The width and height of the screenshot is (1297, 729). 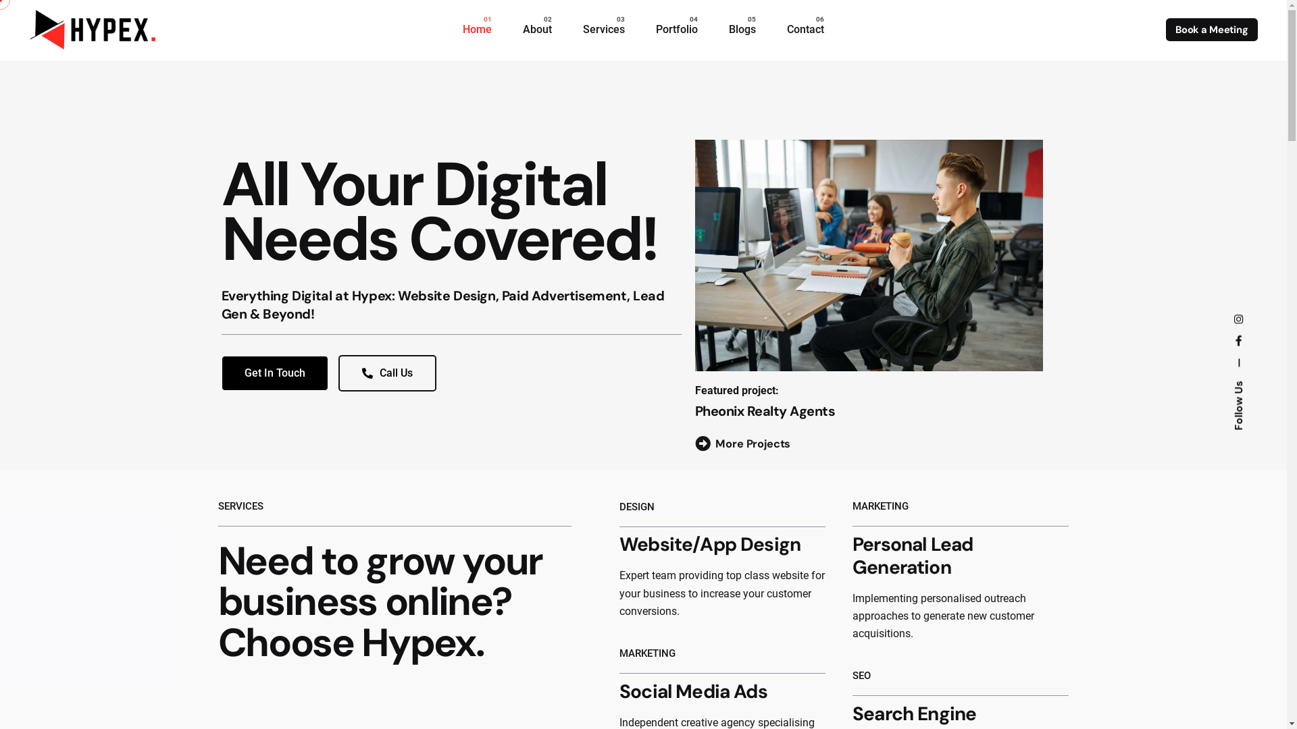 What do you see at coordinates (742, 444) in the screenshot?
I see `'More Projects'` at bounding box center [742, 444].